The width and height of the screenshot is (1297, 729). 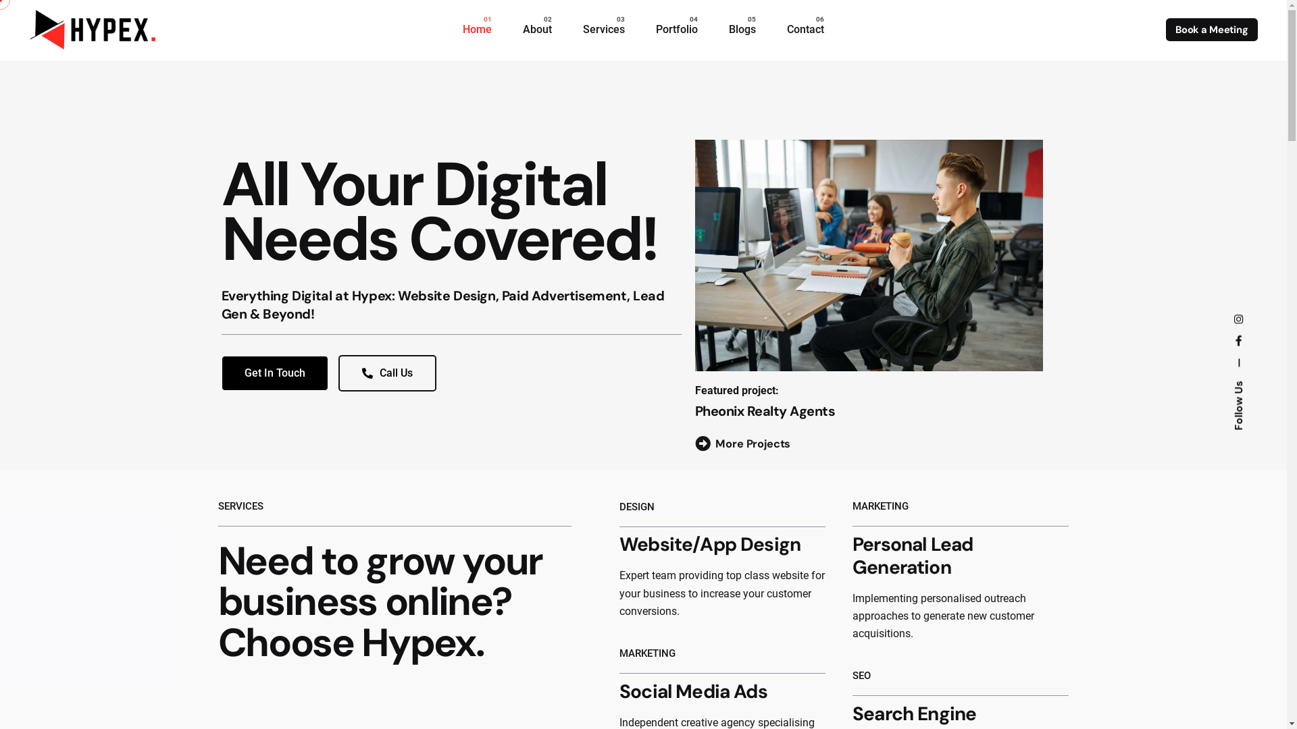 What do you see at coordinates (742, 444) in the screenshot?
I see `'More Projects'` at bounding box center [742, 444].